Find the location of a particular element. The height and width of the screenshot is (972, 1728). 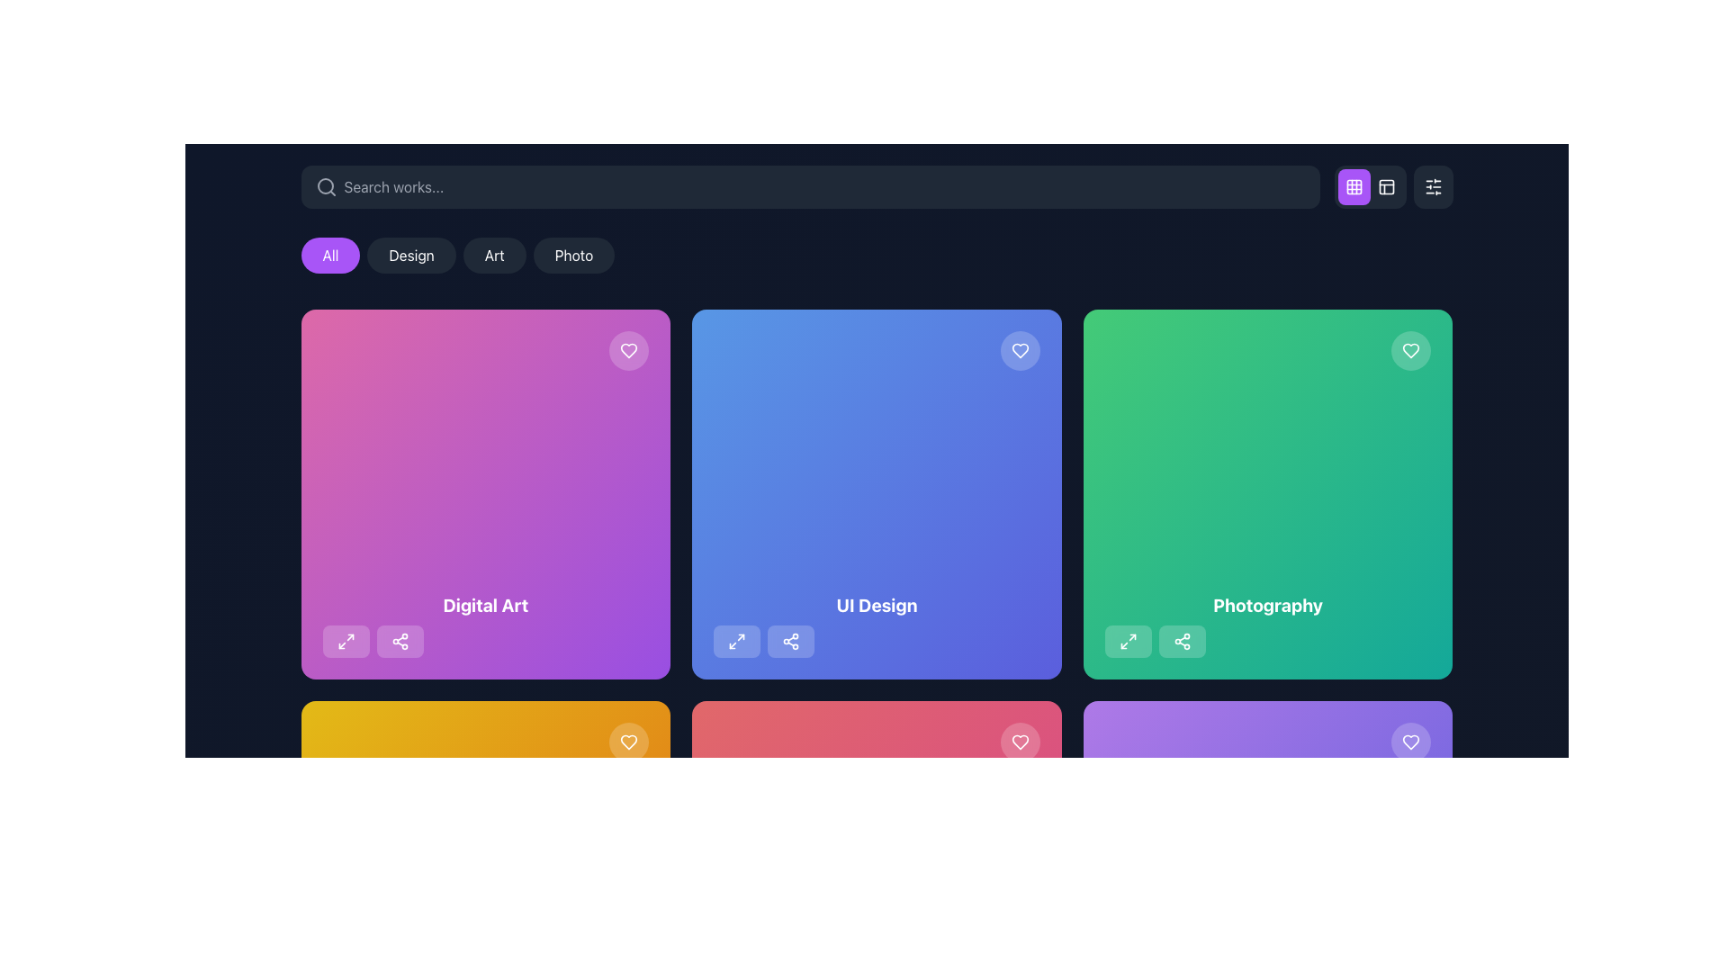

the search icon, which is a gray magnifying glass outline located at the left side of the search bar, to focus on the search bar is located at coordinates (326, 187).